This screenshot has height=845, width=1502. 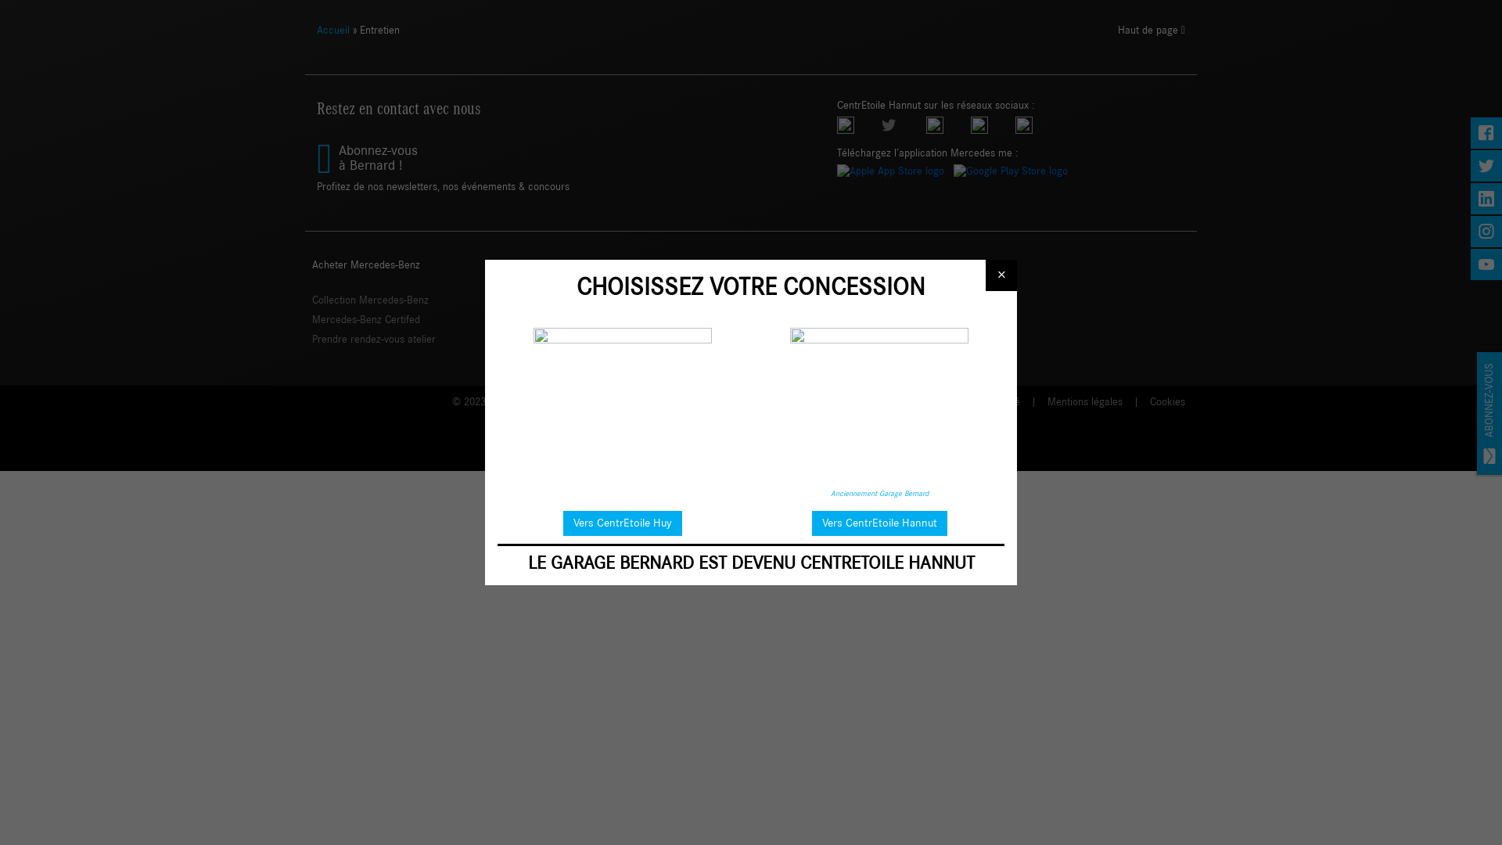 What do you see at coordinates (311, 318) in the screenshot?
I see `'Mercedes-Benz Certifed'` at bounding box center [311, 318].